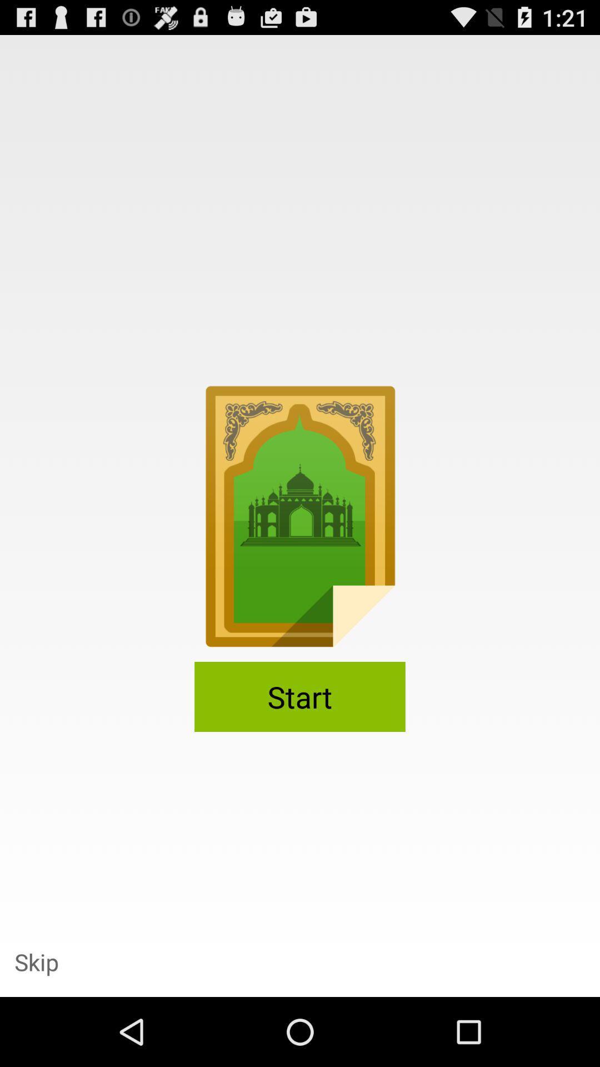  What do you see at coordinates (300, 696) in the screenshot?
I see `start item` at bounding box center [300, 696].